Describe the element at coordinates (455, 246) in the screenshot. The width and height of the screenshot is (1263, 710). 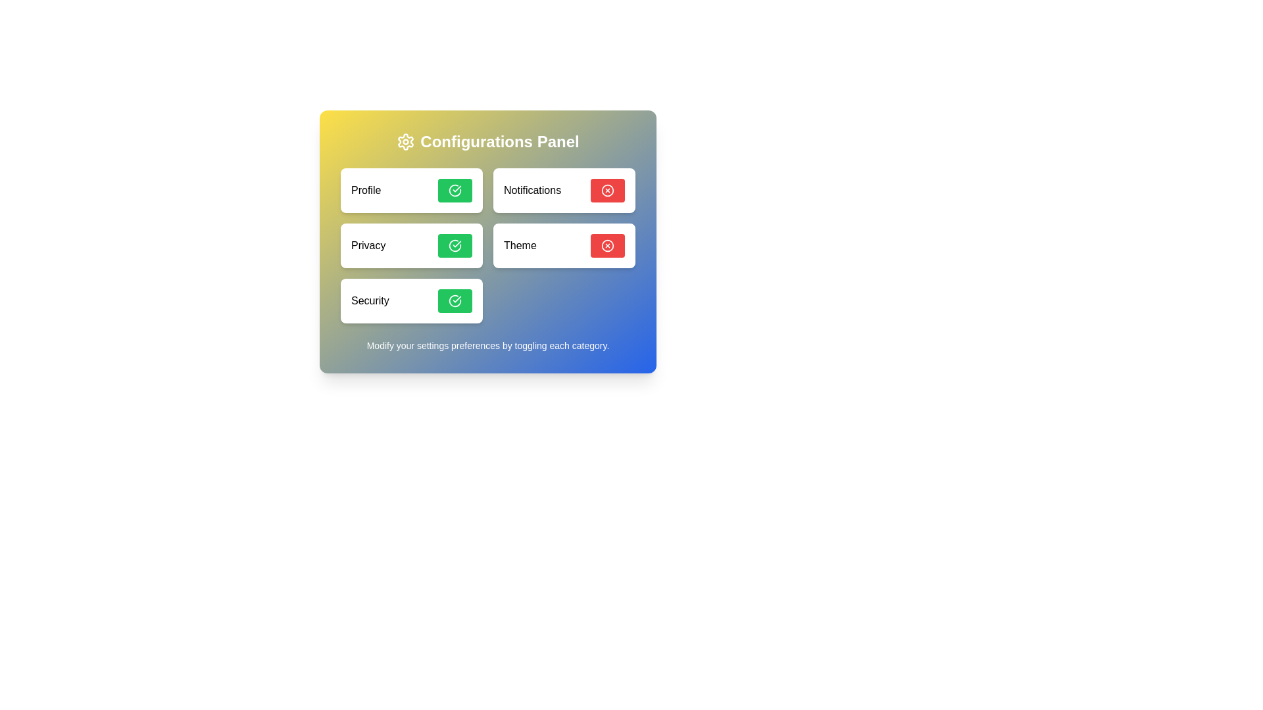
I see `the toggle button for the 'Privacy' option located on the right side of the 'Privacy' label in the configurations panel` at that location.